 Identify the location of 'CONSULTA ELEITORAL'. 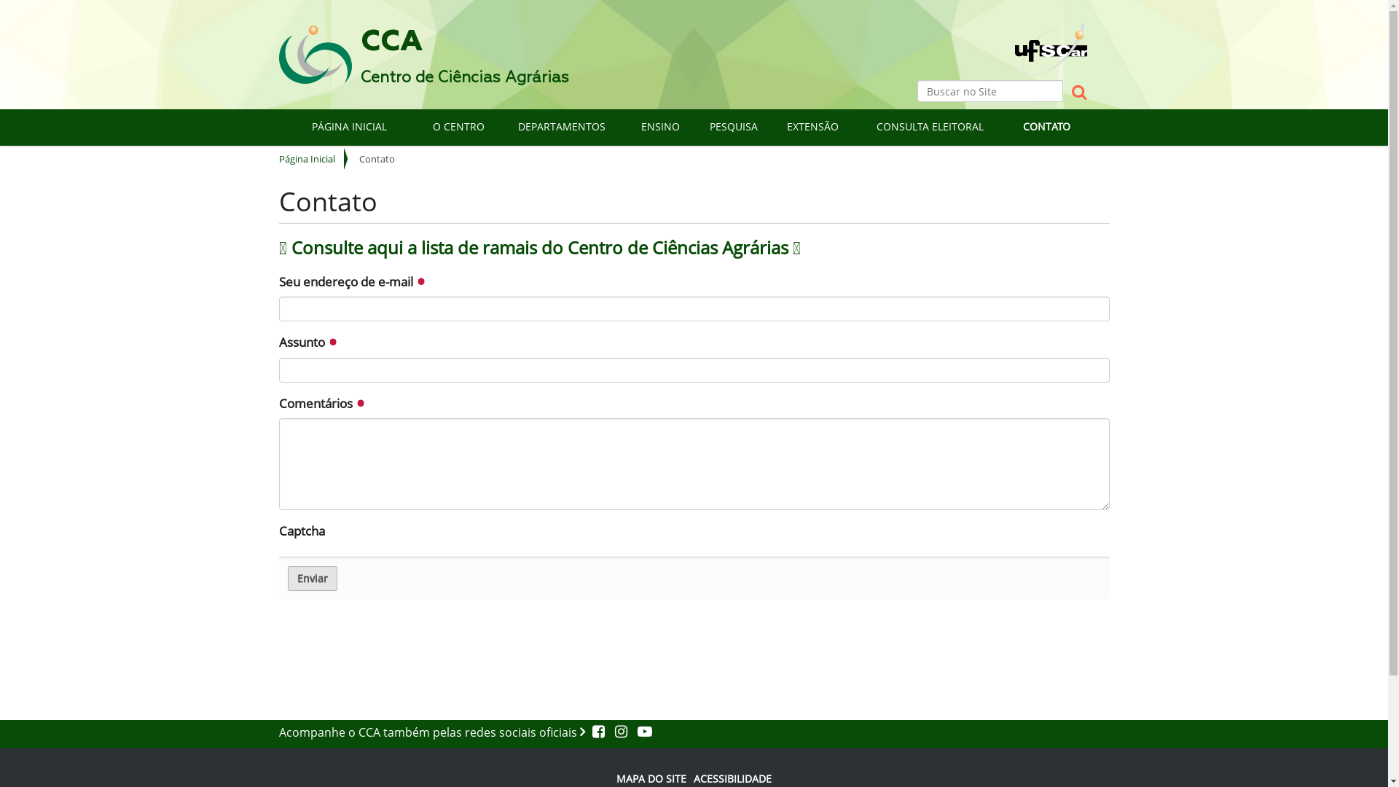
(929, 125).